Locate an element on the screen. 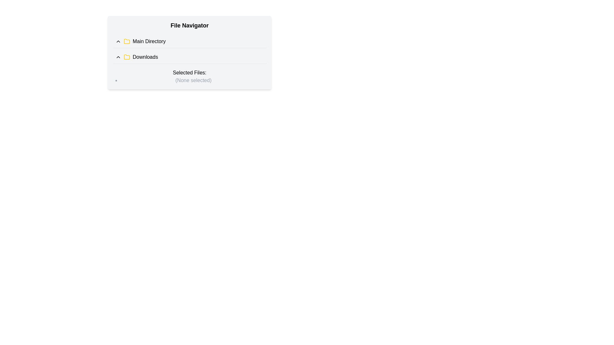  the upward-pointing chevron icon that indicates collapsible or expandable sections, located to the left of the yellow folder icon in the row containing 'Main Directory' is located at coordinates (118, 42).